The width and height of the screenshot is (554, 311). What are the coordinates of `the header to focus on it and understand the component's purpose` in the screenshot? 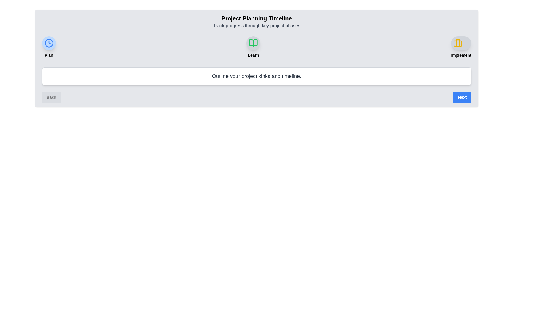 It's located at (256, 22).